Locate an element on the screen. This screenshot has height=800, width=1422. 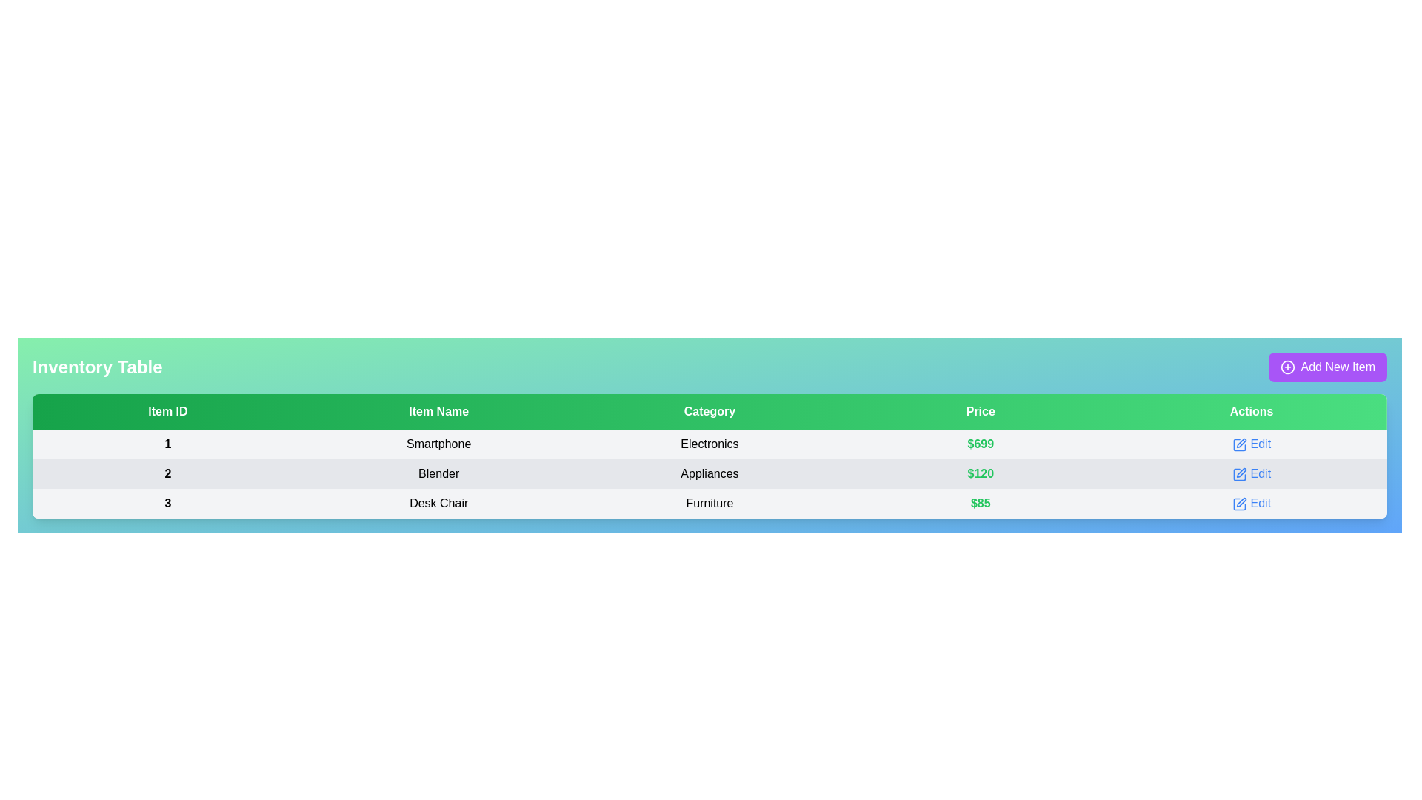
the visual representation of the square-pencil icon in the 'Actions' column of the first row of the table, which corresponds to the item with ID 1 ('Smartphone') is located at coordinates (1240, 444).